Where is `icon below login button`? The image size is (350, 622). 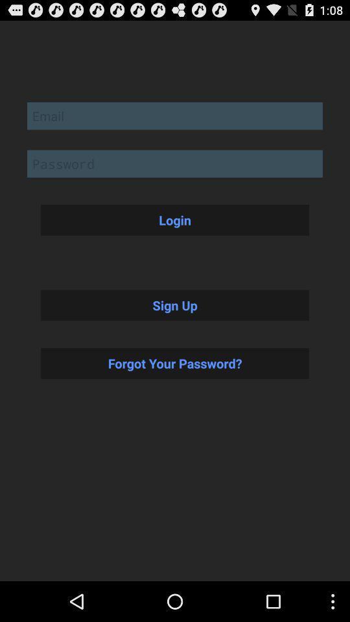 icon below login button is located at coordinates (175, 305).